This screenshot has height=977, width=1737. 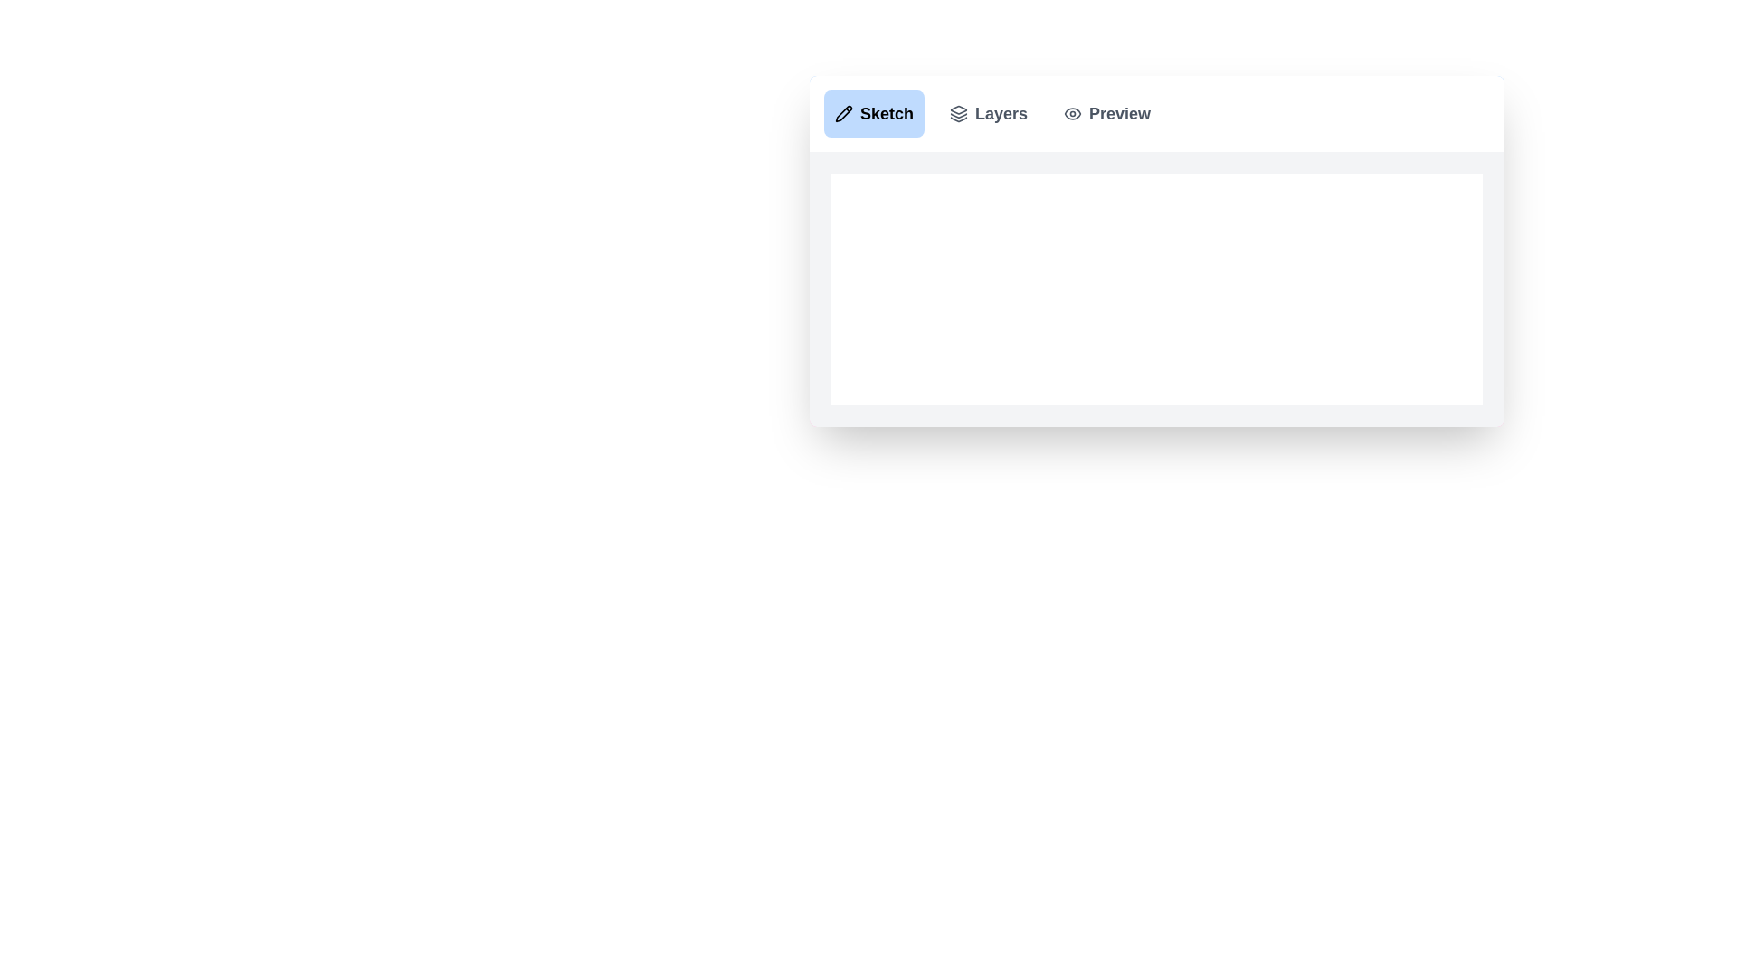 I want to click on the Layers tab, so click(x=988, y=114).